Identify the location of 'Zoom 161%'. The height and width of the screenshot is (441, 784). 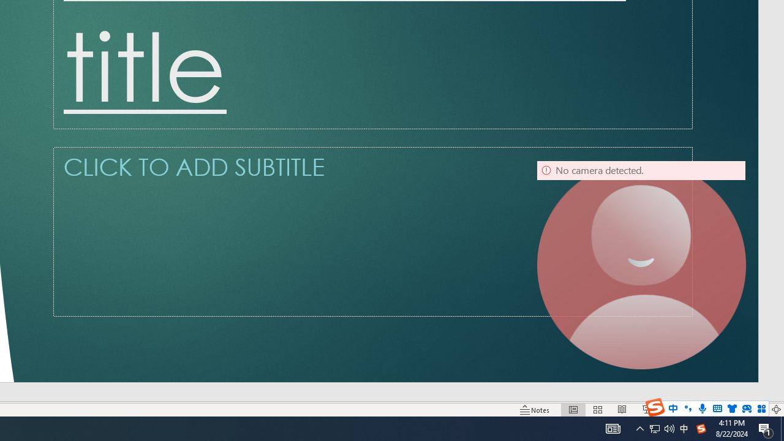
(755, 410).